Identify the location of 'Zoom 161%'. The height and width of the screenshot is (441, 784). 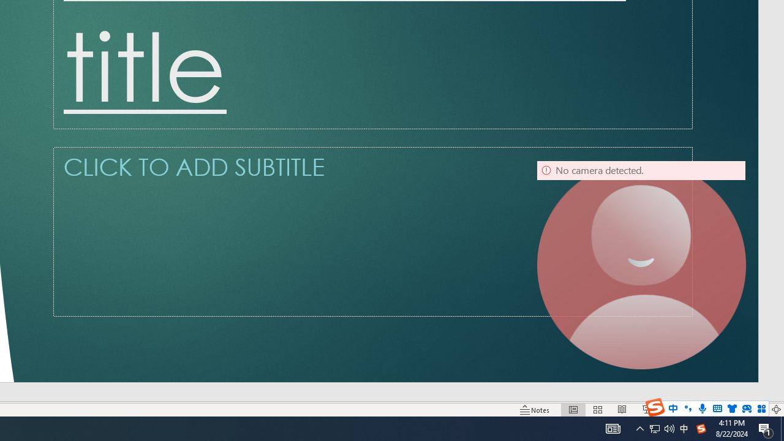
(755, 410).